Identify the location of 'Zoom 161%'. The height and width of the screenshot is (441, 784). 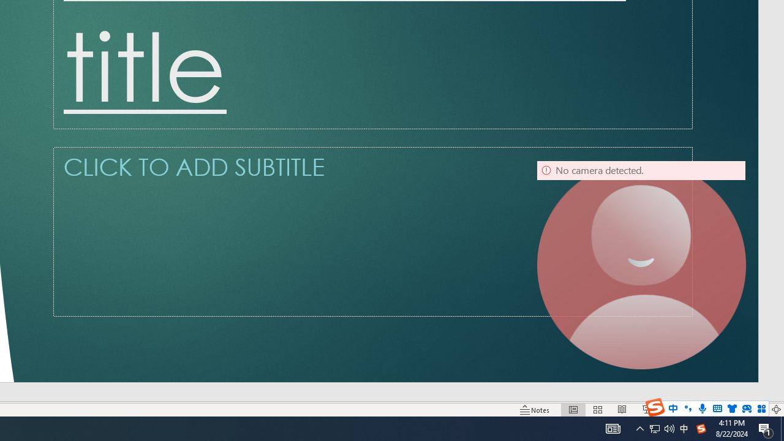
(755, 410).